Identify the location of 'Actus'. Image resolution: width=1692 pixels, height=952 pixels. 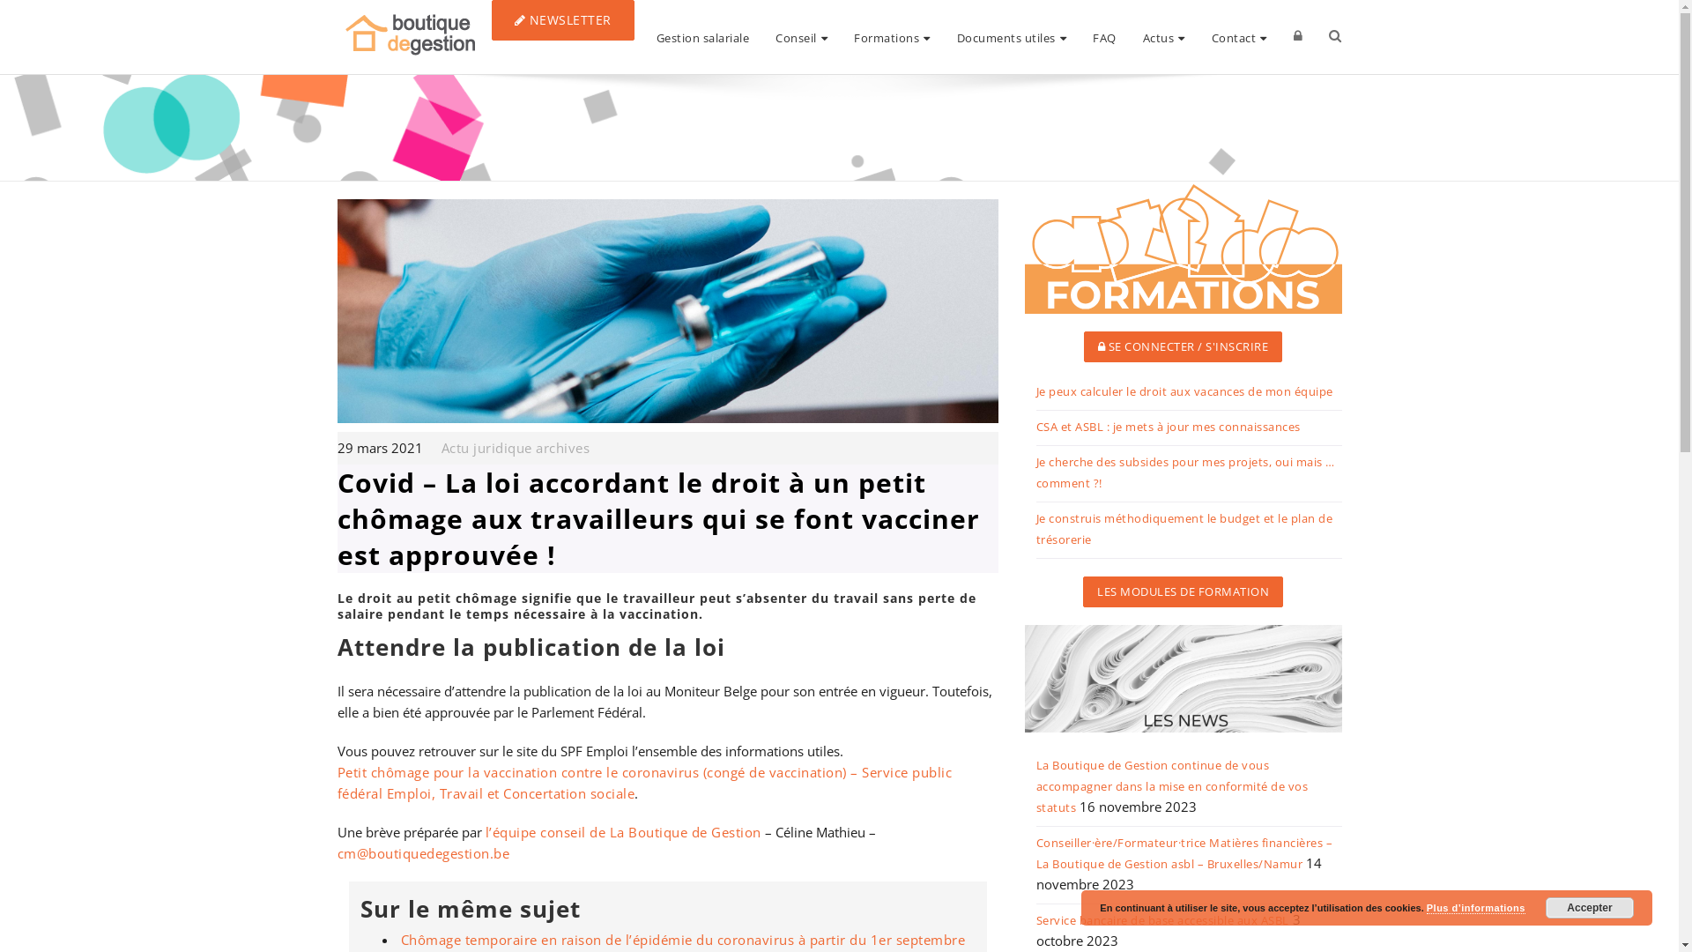
(1163, 37).